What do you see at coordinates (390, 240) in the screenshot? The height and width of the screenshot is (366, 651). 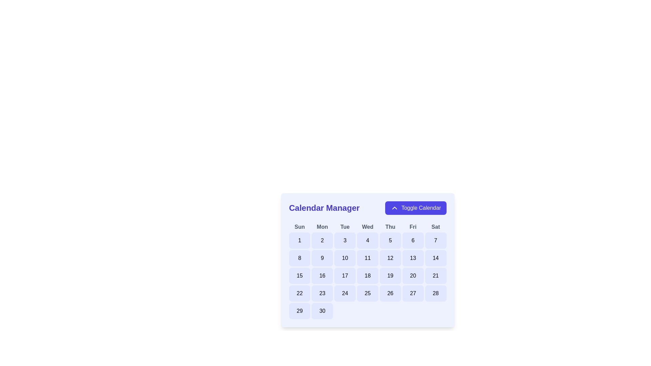 I see `the button containing the numeral '5' in the calendar grid under the header 'Thu' for accessibility purposes` at bounding box center [390, 240].